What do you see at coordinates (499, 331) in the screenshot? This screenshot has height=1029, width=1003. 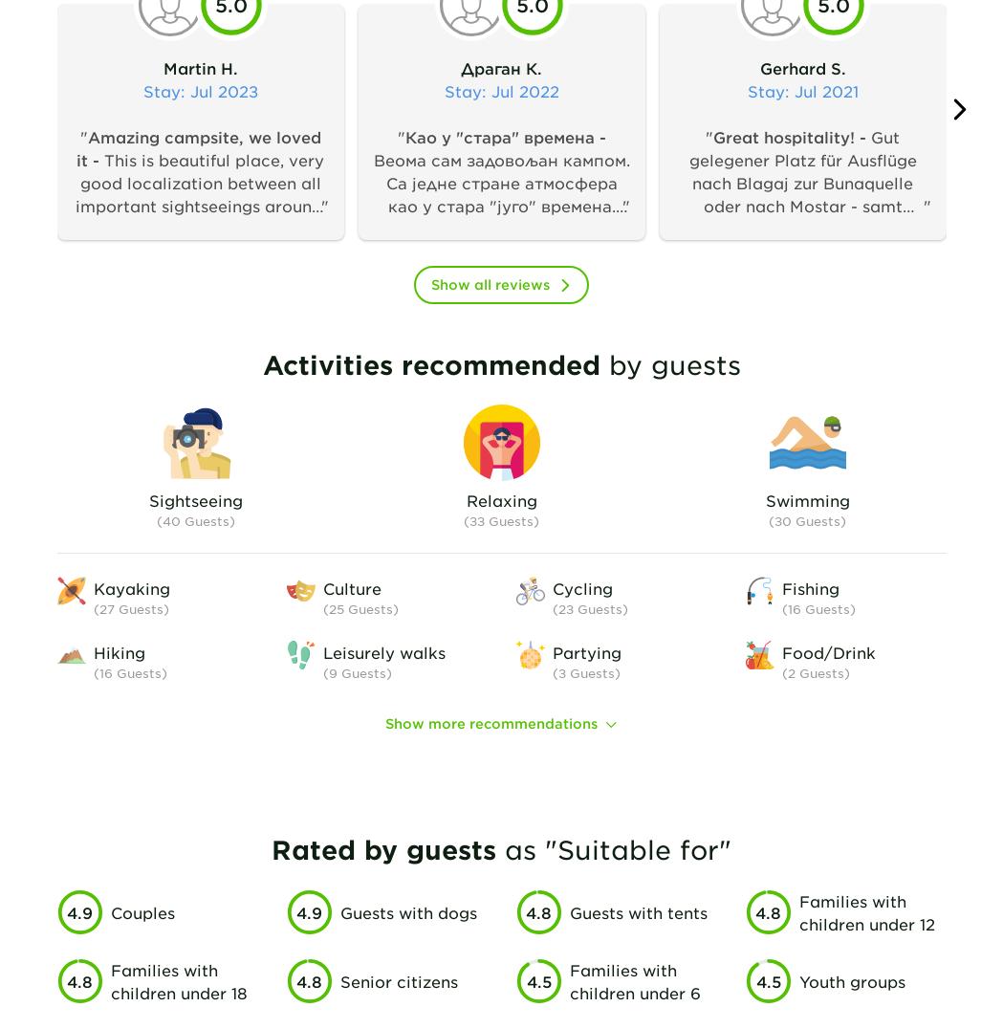 I see `'Веома сам задовољан кампом. Са једне стране атмосфера као у стара "југо" времена. Осећаш се безбедно, опуштено, међу пријатељима. Са друге стране све је на услузи, чисто и функционално, тоалети, кухиња... За младе Wf за нешто старије романтична обала реке. Све што вреди у долини Неретве на дохват руке: Благај, Житомислић, Почитељ и наравно Мостар. Када поново прођем кроз Мостар - ово је камп за мене.'` at bounding box center [499, 331].